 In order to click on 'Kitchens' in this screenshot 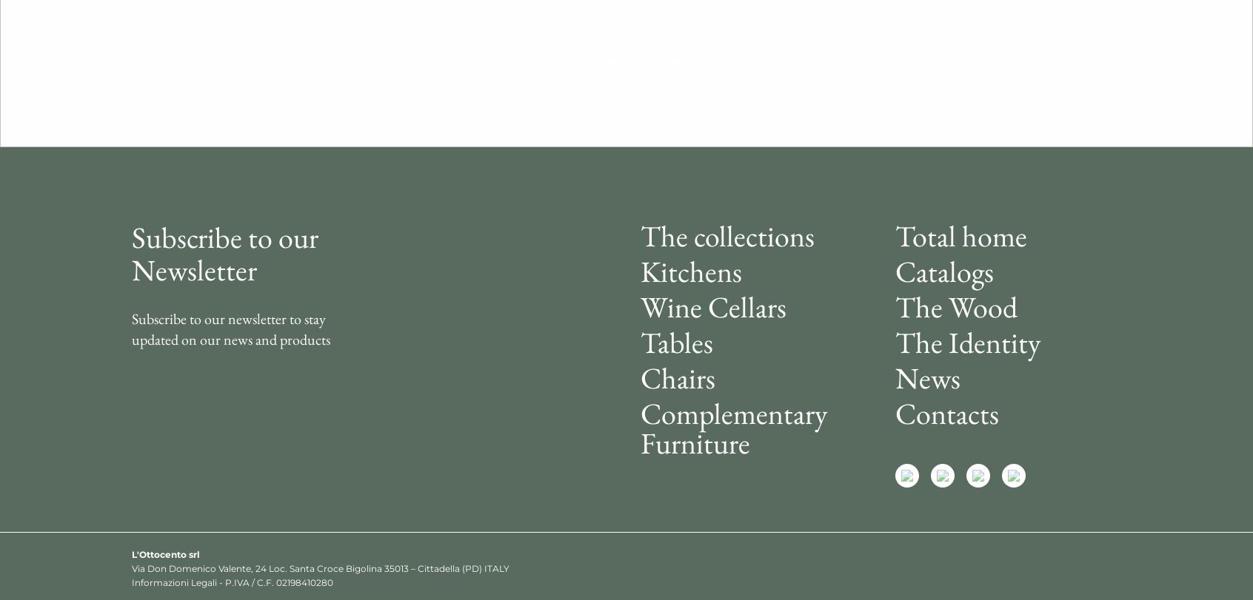, I will do `click(691, 271)`.